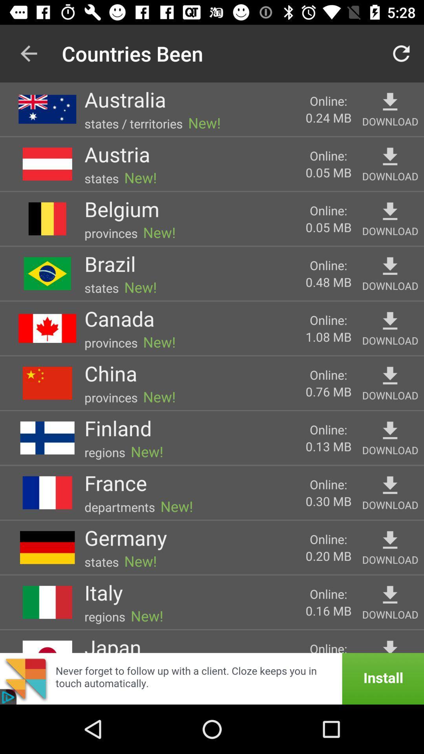  I want to click on download, so click(390, 645).